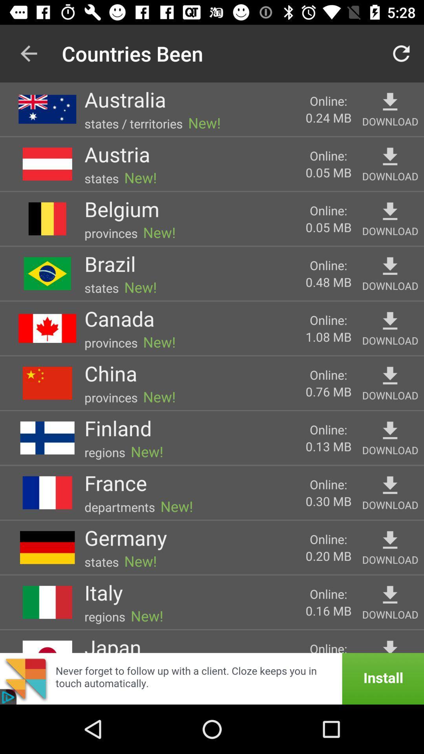  I want to click on download, so click(390, 645).